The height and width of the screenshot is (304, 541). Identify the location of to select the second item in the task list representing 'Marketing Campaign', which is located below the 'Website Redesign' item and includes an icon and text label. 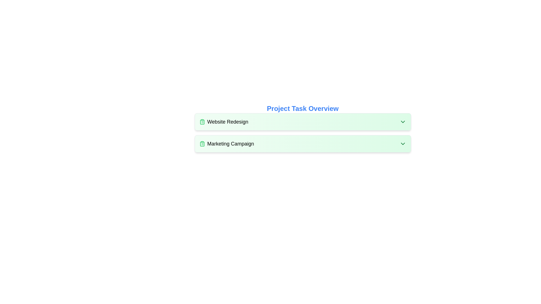
(227, 143).